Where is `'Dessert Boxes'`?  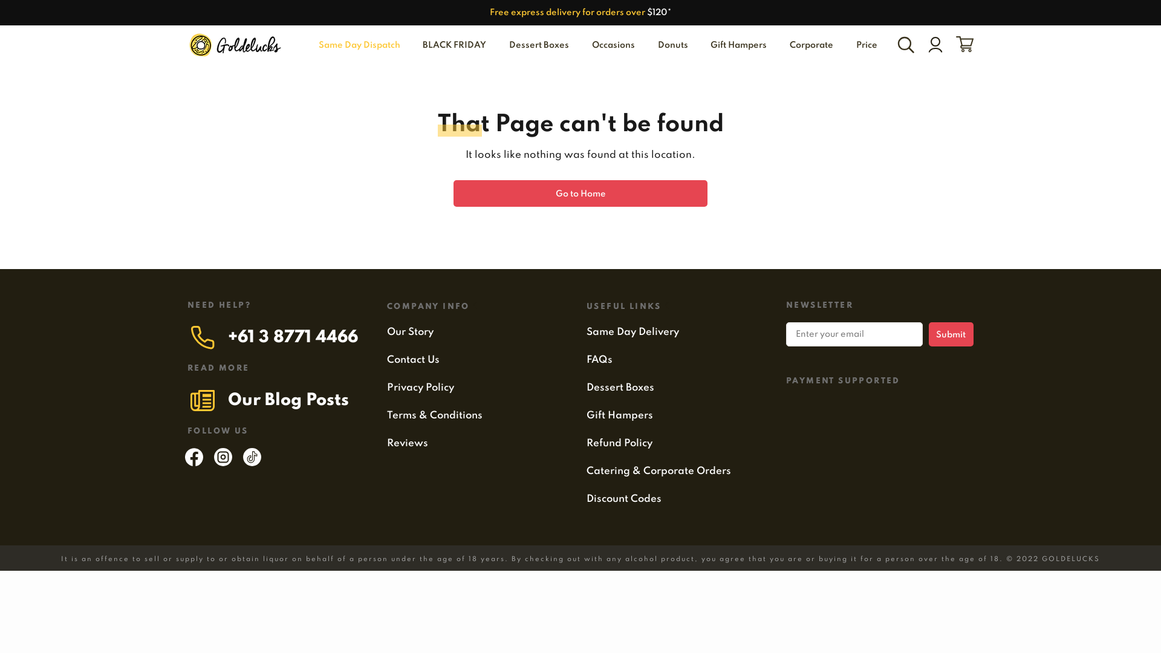 'Dessert Boxes' is located at coordinates (504, 45).